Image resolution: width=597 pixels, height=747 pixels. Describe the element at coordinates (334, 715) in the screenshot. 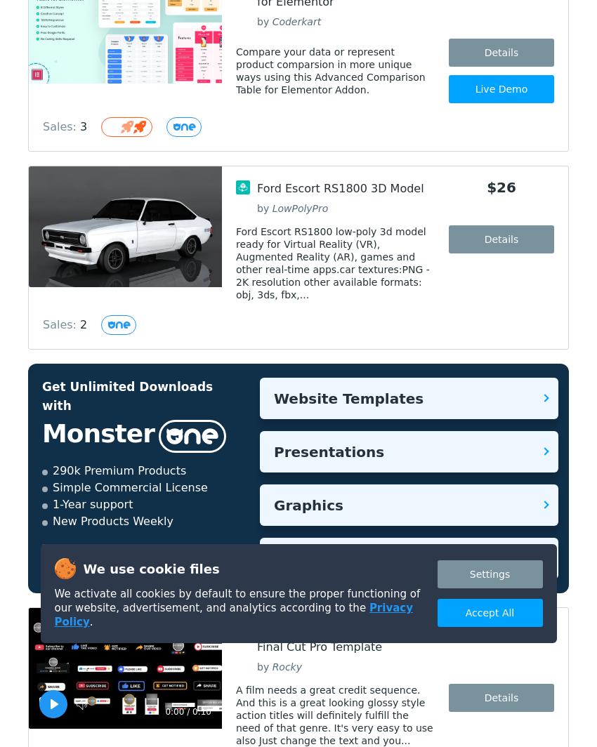

I see `'A film needs a great credit sequence. And this is a great looking glossy style action titles will definitely fulfill the need of that genre. It's very easy to use also Just change the text and you...'` at that location.